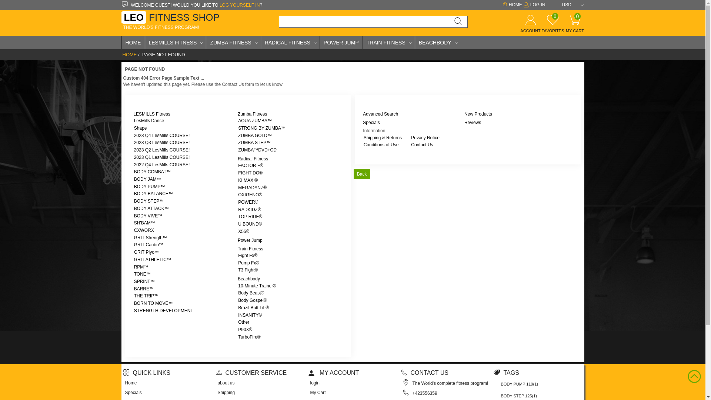 Image resolution: width=711 pixels, height=400 pixels. What do you see at coordinates (534, 4) in the screenshot?
I see `'LOG IN'` at bounding box center [534, 4].